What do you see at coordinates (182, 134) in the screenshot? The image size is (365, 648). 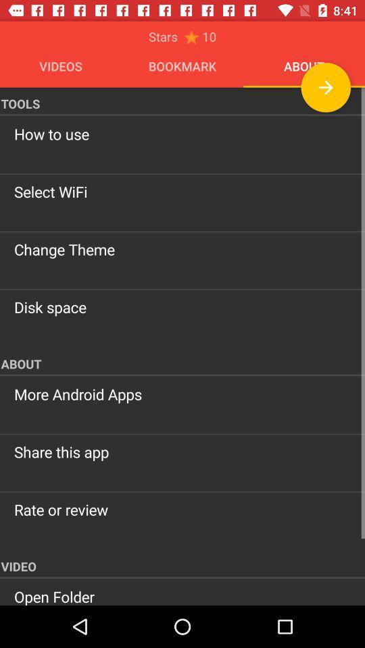 I see `the item below tools icon` at bounding box center [182, 134].